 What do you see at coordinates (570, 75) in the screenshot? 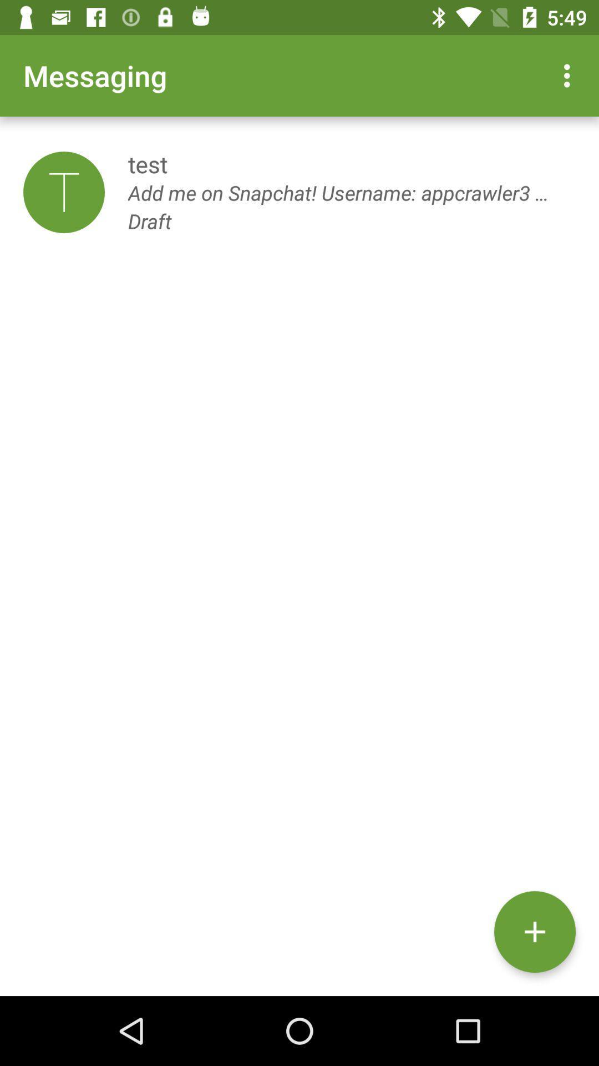
I see `the item at the top right corner` at bounding box center [570, 75].